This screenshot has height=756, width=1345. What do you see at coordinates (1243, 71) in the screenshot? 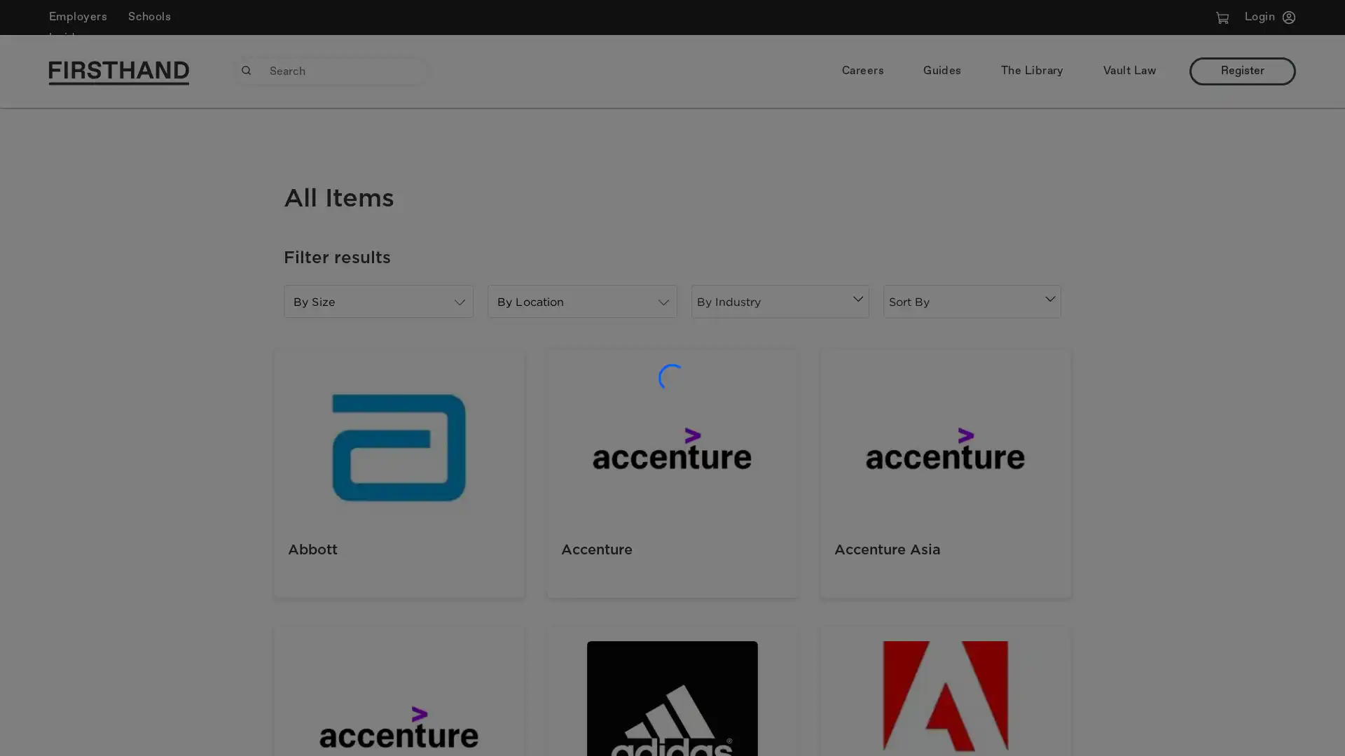
I see `Register` at bounding box center [1243, 71].